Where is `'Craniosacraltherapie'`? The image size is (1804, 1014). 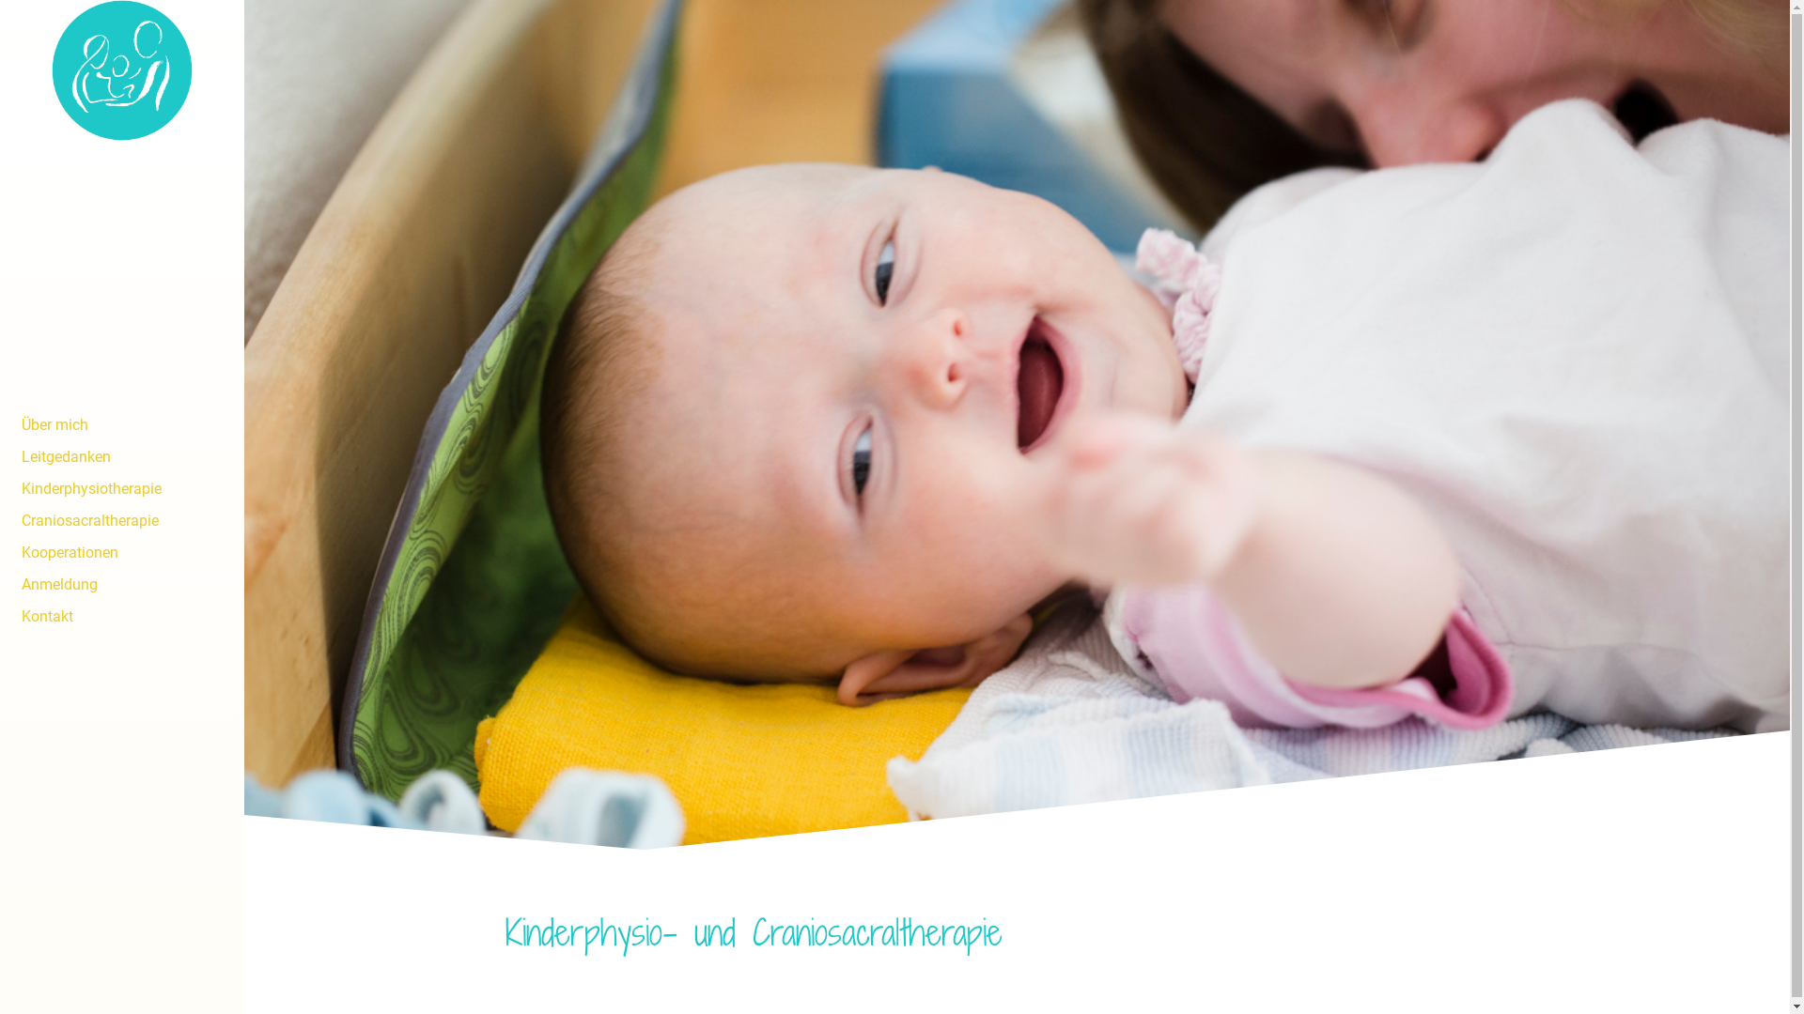
'Craniosacraltherapie' is located at coordinates (120, 520).